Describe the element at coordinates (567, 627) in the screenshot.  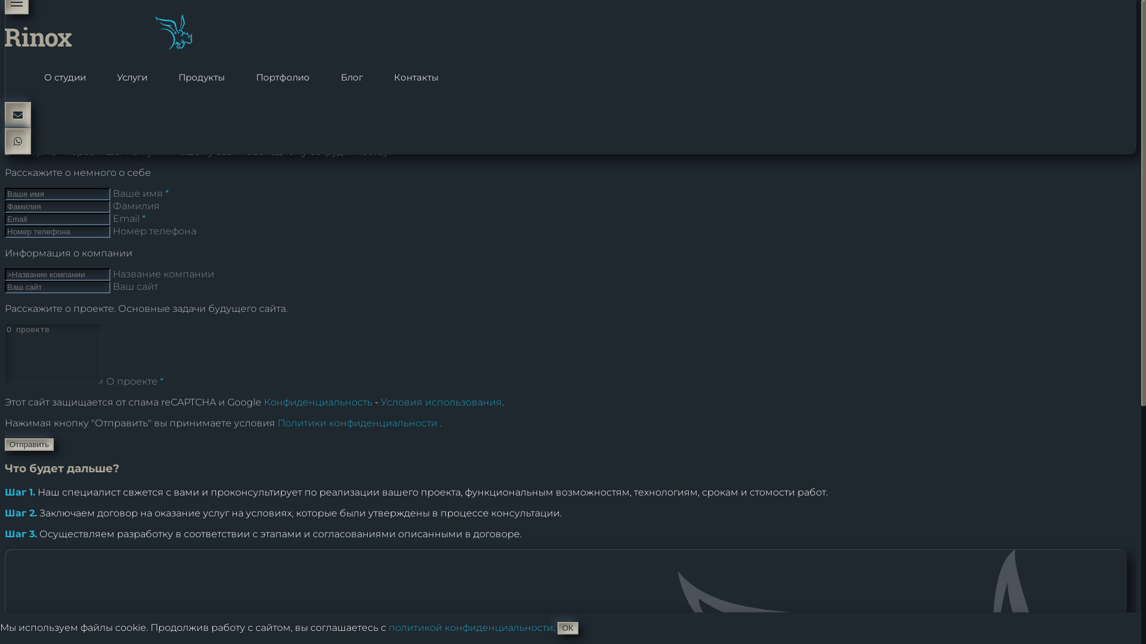
I see `'OK'` at that location.